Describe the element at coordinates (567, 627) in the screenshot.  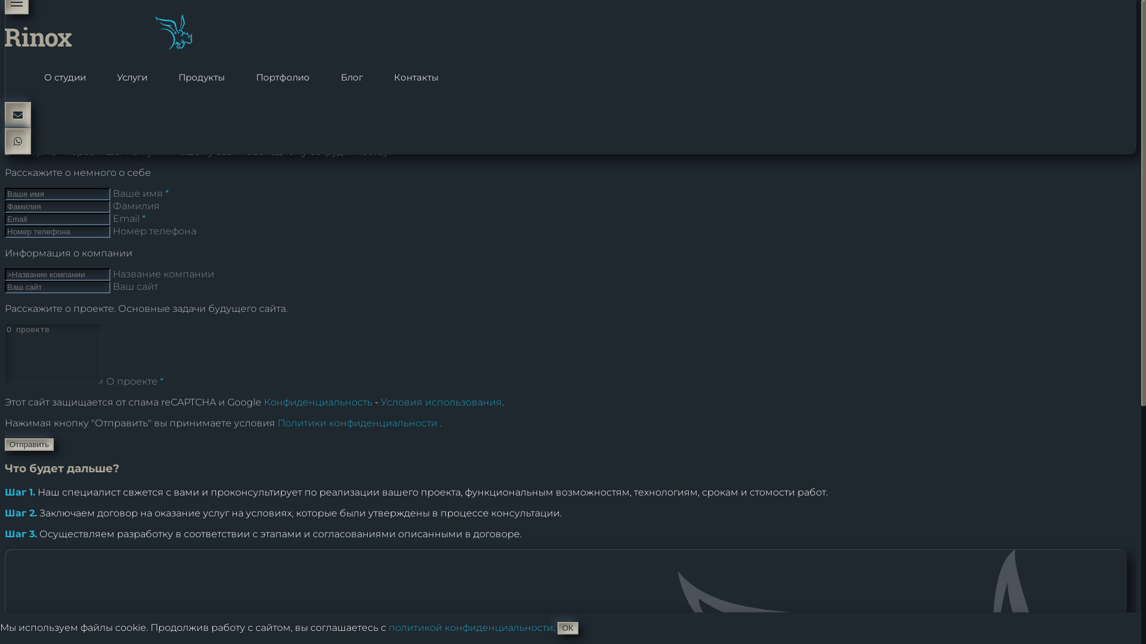
I see `'OK'` at that location.